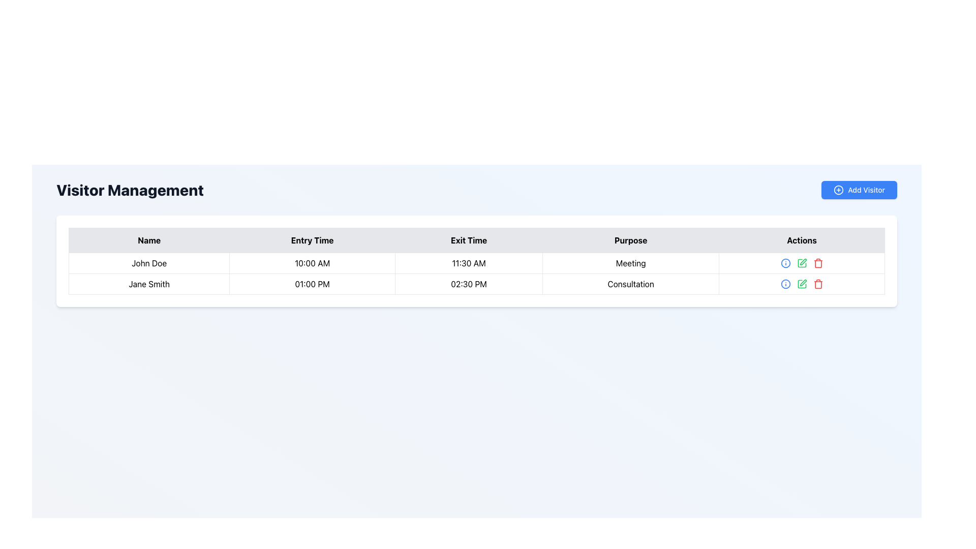  Describe the element at coordinates (785, 262) in the screenshot. I see `the graphical information icon (circle) located in the 'Actions' column of the second row of the table` at that location.